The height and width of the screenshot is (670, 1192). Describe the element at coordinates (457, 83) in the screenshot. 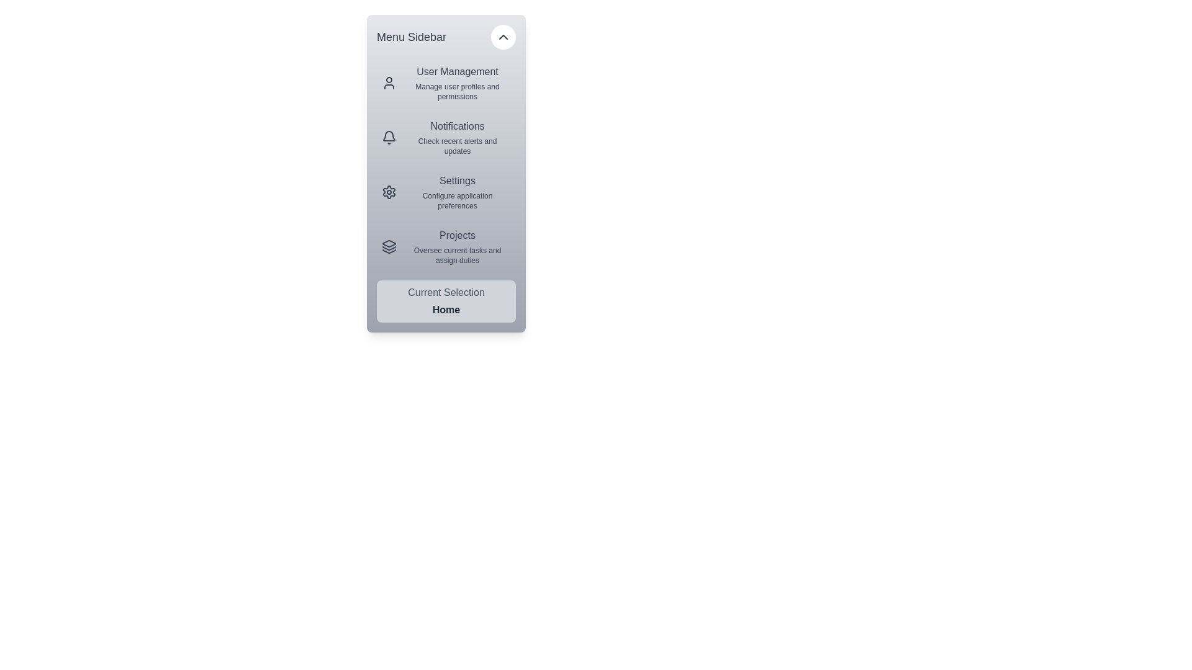

I see `the menu option for User Management located in the sidebar, directly beneath the user management icon` at that location.